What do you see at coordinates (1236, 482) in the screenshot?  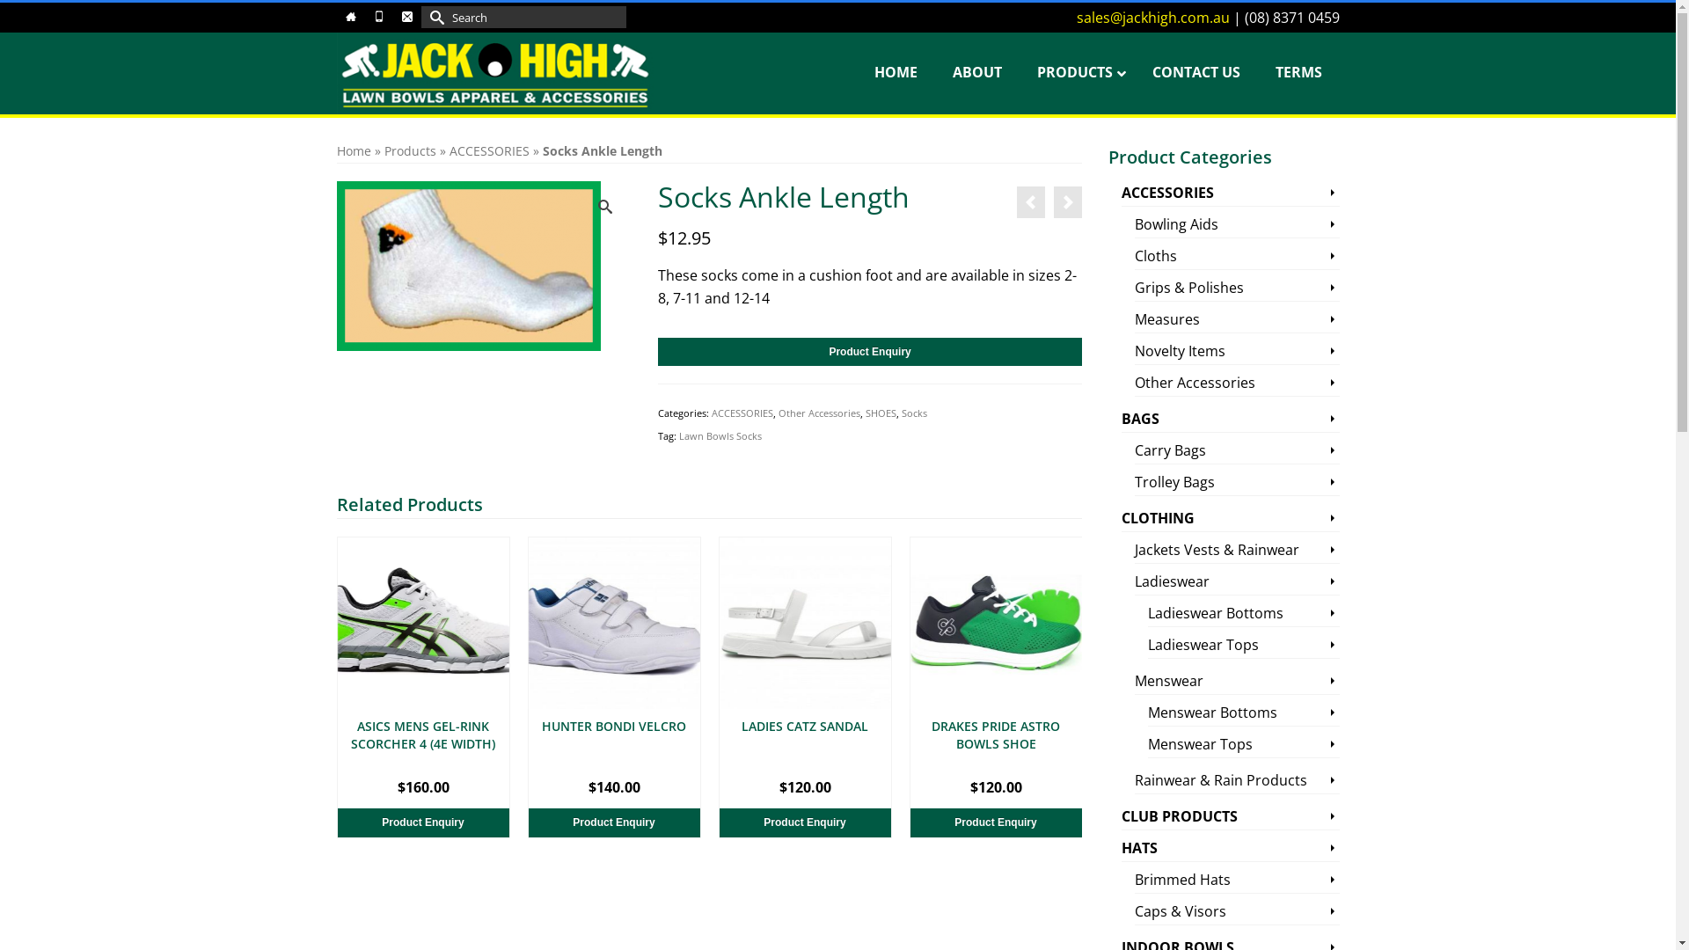 I see `'Trolley Bags'` at bounding box center [1236, 482].